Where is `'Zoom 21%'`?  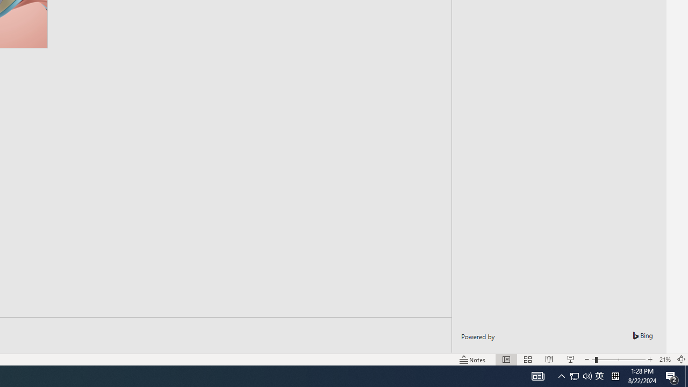 'Zoom 21%' is located at coordinates (664, 360).